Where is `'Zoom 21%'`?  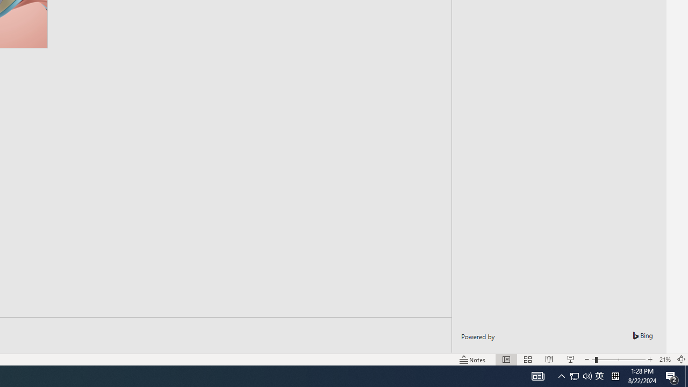 'Zoom 21%' is located at coordinates (664, 360).